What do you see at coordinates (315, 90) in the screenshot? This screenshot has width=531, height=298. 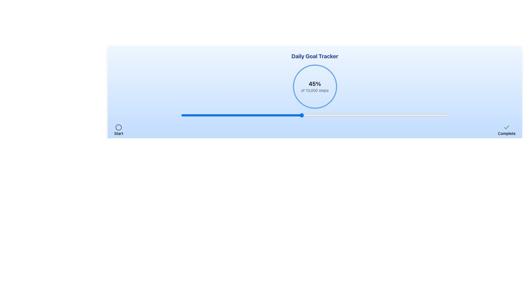 I see `text label displaying 'of 10,000 steps' located below the '45%' text within the 'Daily Goal Tracker' section` at bounding box center [315, 90].